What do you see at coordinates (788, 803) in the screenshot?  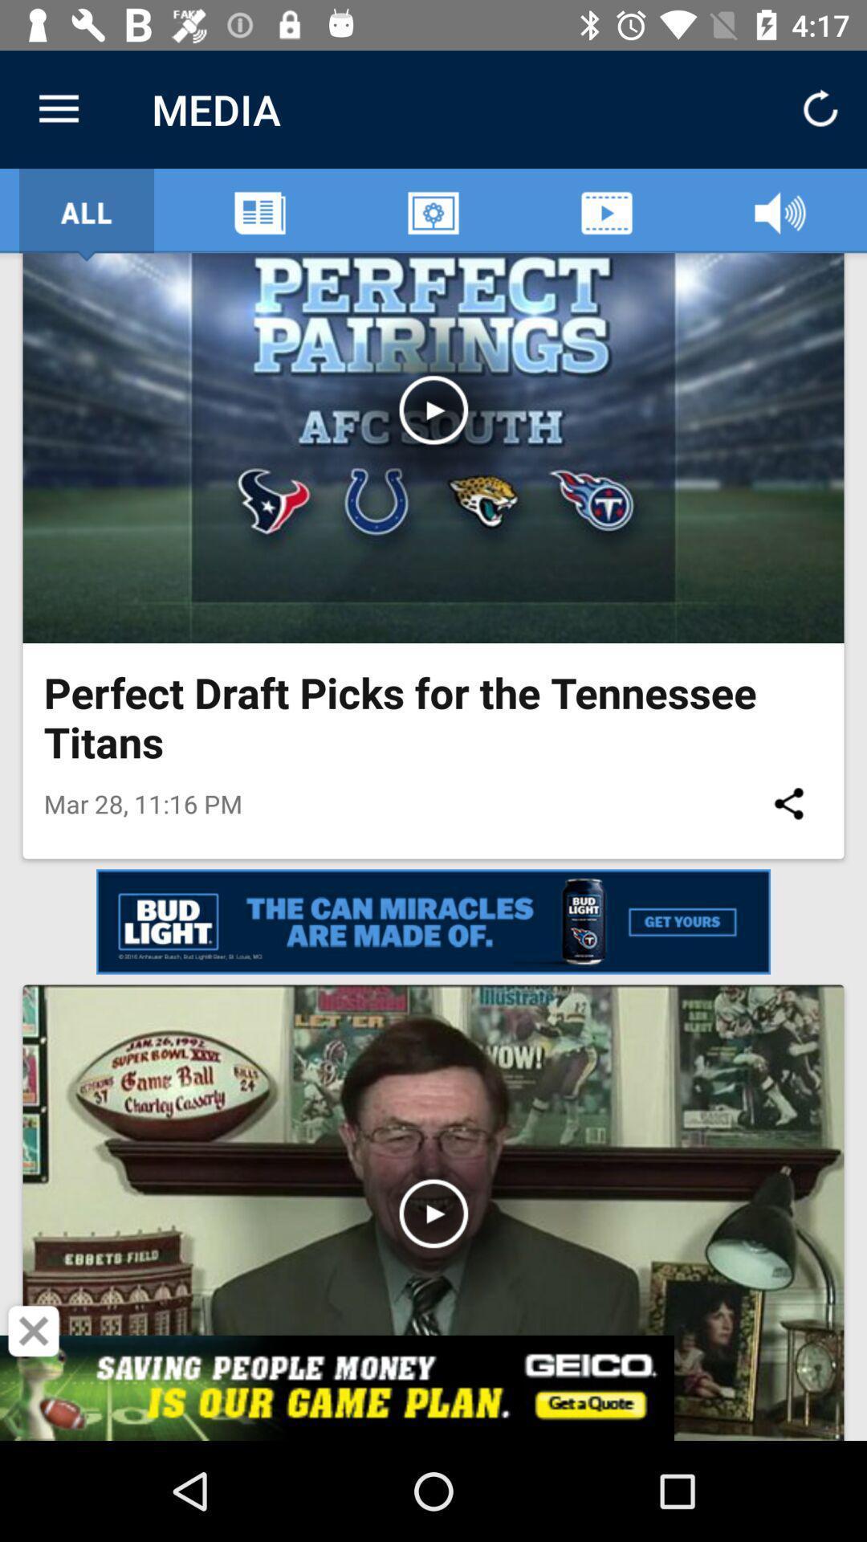 I see `the icon to the right of mar 28 11 icon` at bounding box center [788, 803].